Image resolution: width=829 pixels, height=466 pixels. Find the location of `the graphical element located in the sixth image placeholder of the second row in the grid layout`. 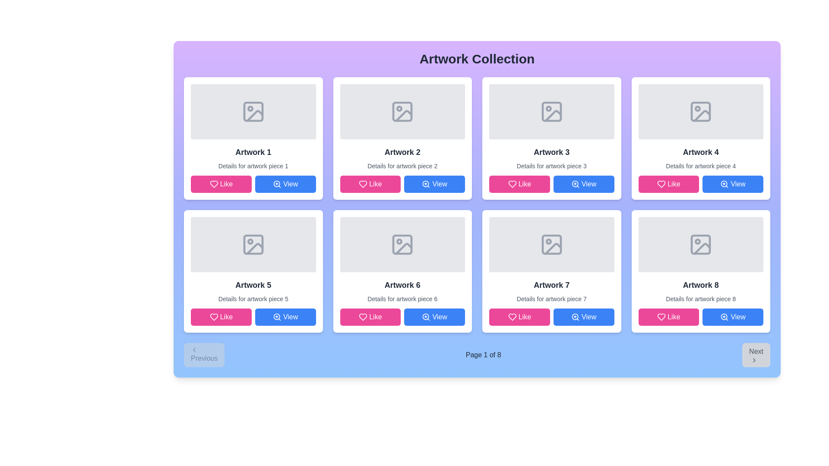

the graphical element located in the sixth image placeholder of the second row in the grid layout is located at coordinates (399, 241).